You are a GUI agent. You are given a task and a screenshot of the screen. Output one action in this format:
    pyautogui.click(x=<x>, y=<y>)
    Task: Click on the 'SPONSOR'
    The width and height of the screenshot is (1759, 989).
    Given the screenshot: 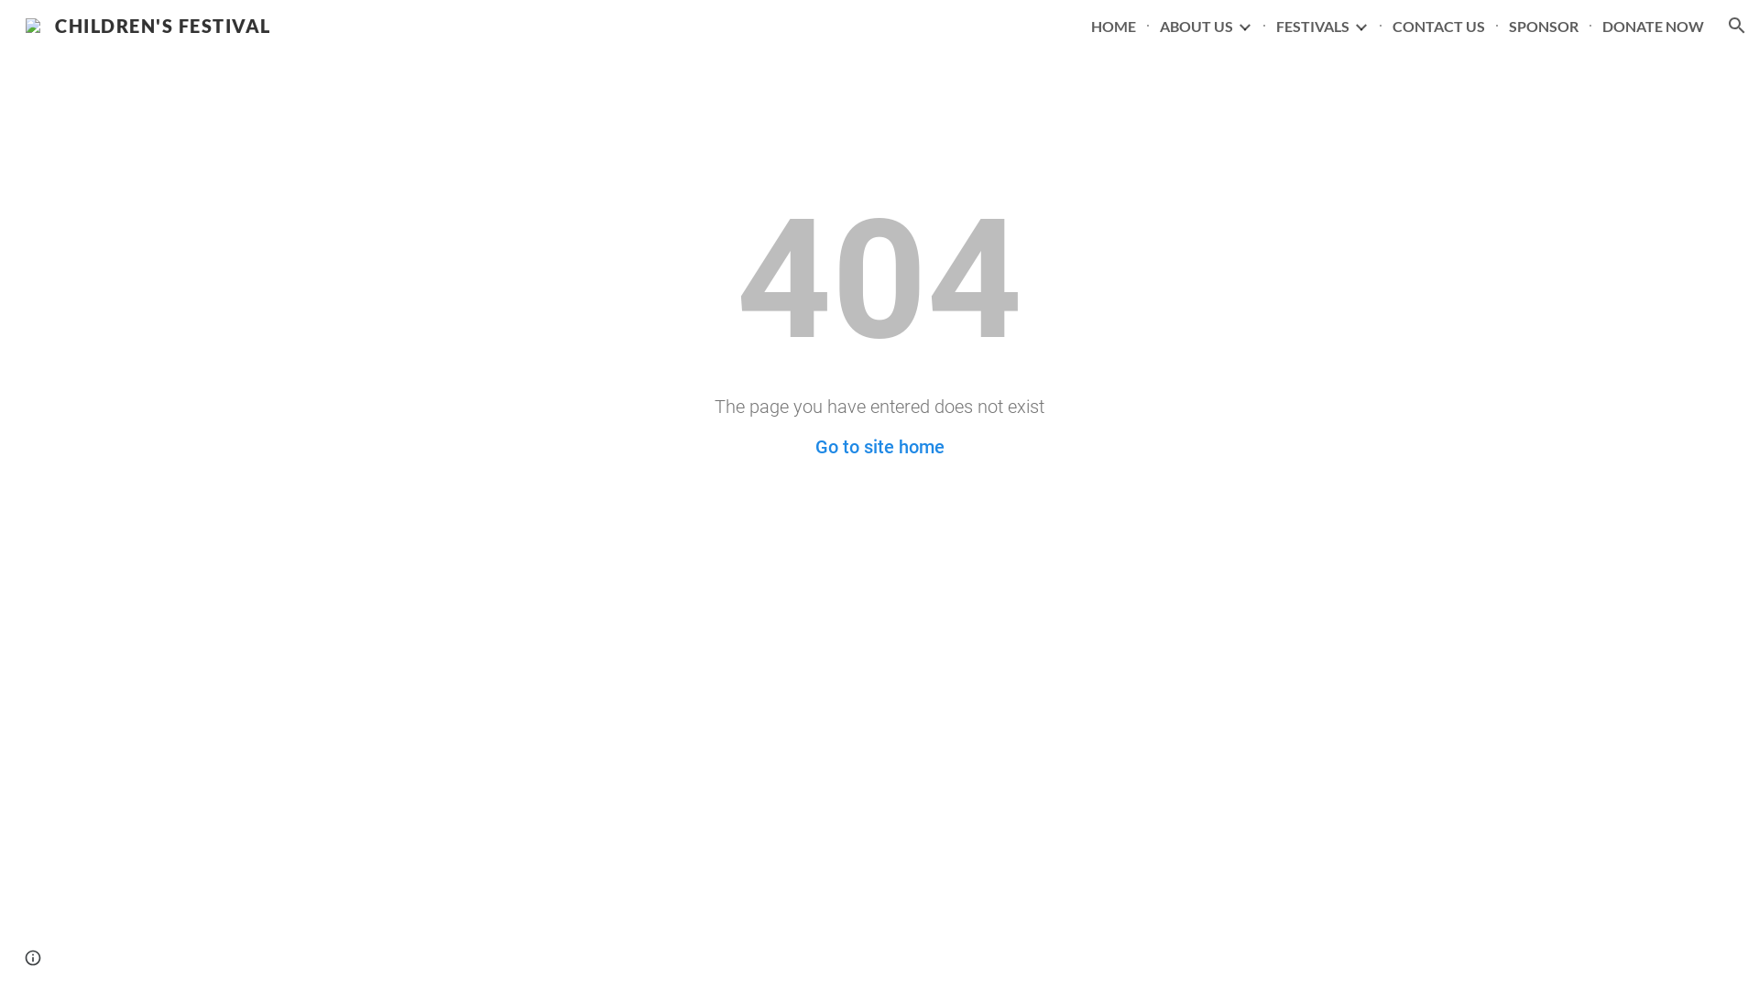 What is the action you would take?
    pyautogui.click(x=1508, y=25)
    